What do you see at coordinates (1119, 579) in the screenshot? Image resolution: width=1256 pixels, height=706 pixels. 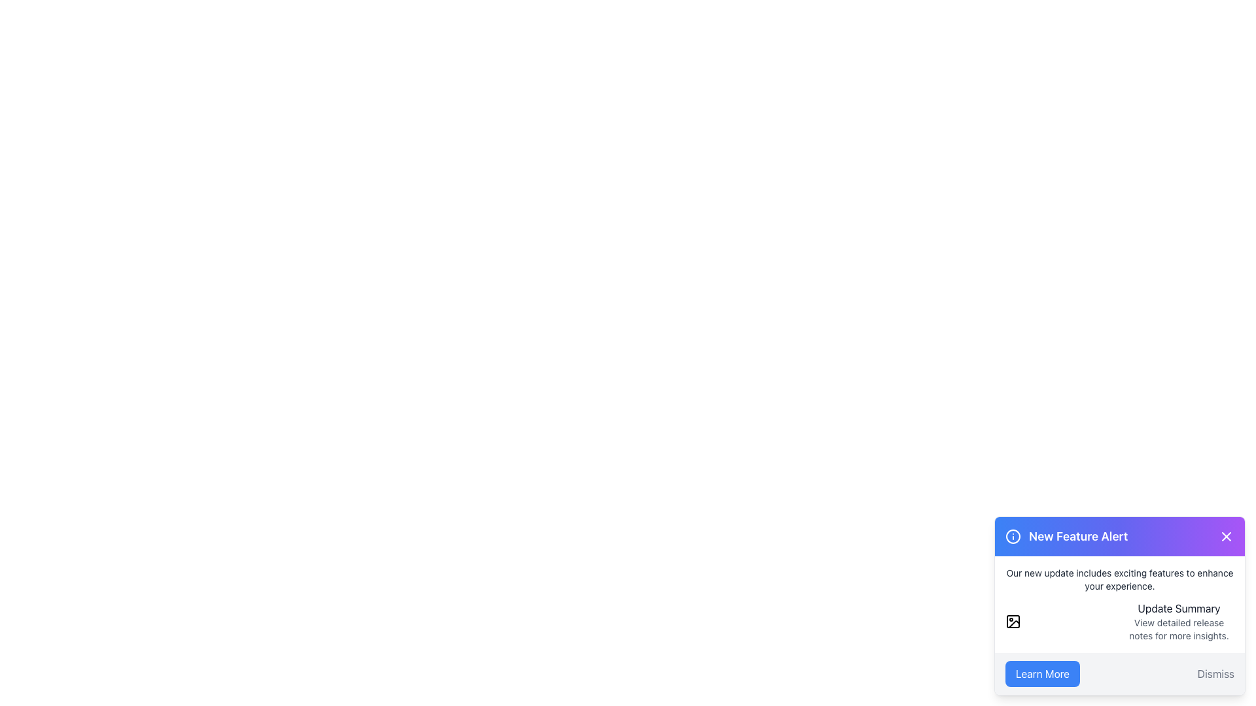 I see `the textual description element that provides information about the new update, located at the top part of the update summary section` at bounding box center [1119, 579].